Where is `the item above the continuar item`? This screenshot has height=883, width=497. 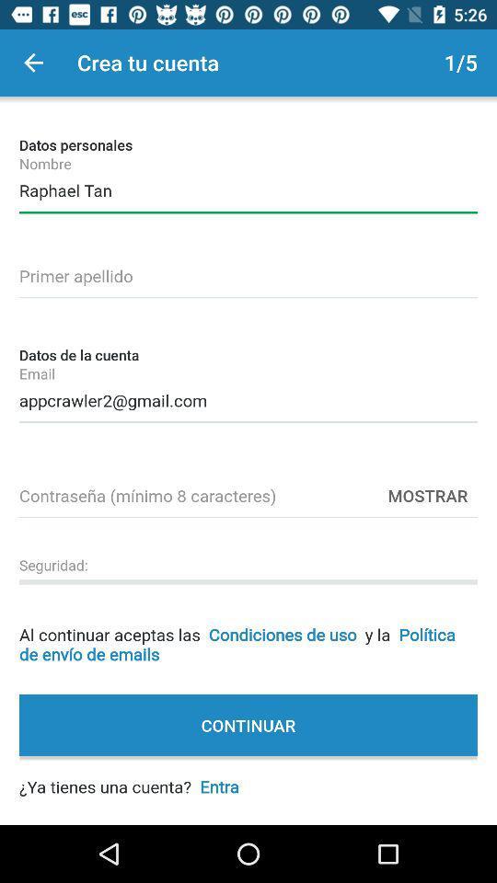 the item above the continuar item is located at coordinates (248, 629).